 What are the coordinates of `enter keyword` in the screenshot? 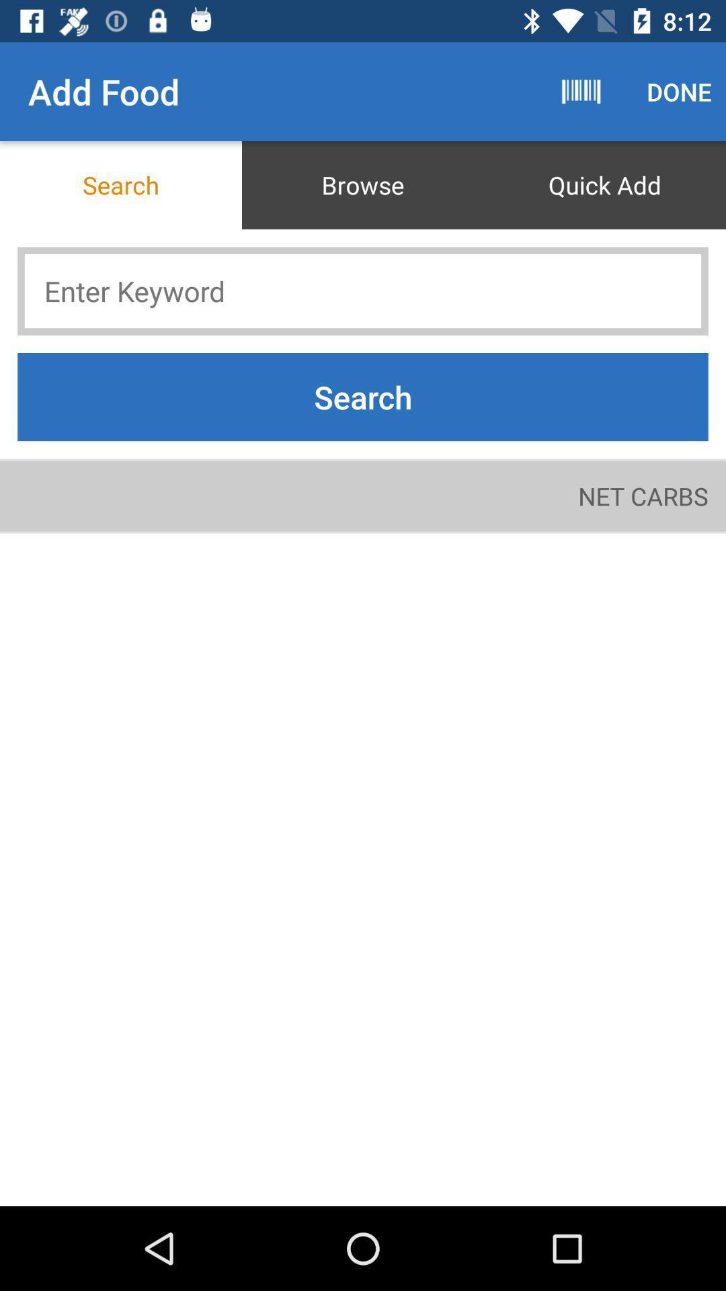 It's located at (363, 290).